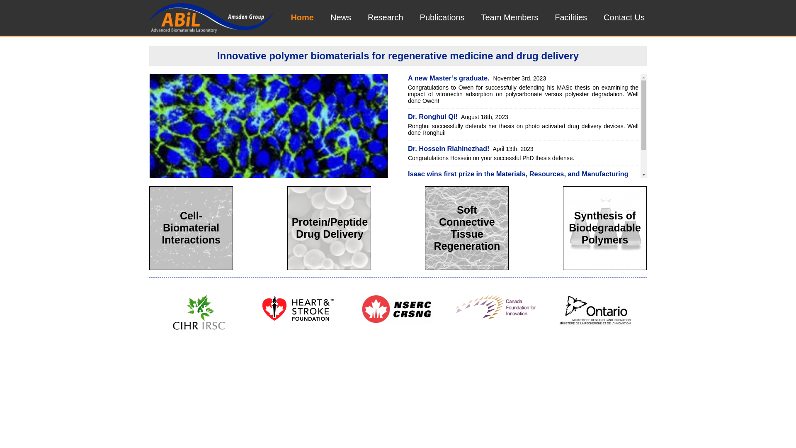 The image size is (796, 448). I want to click on 'Protein/Peptide Drug Delivery', so click(328, 229).